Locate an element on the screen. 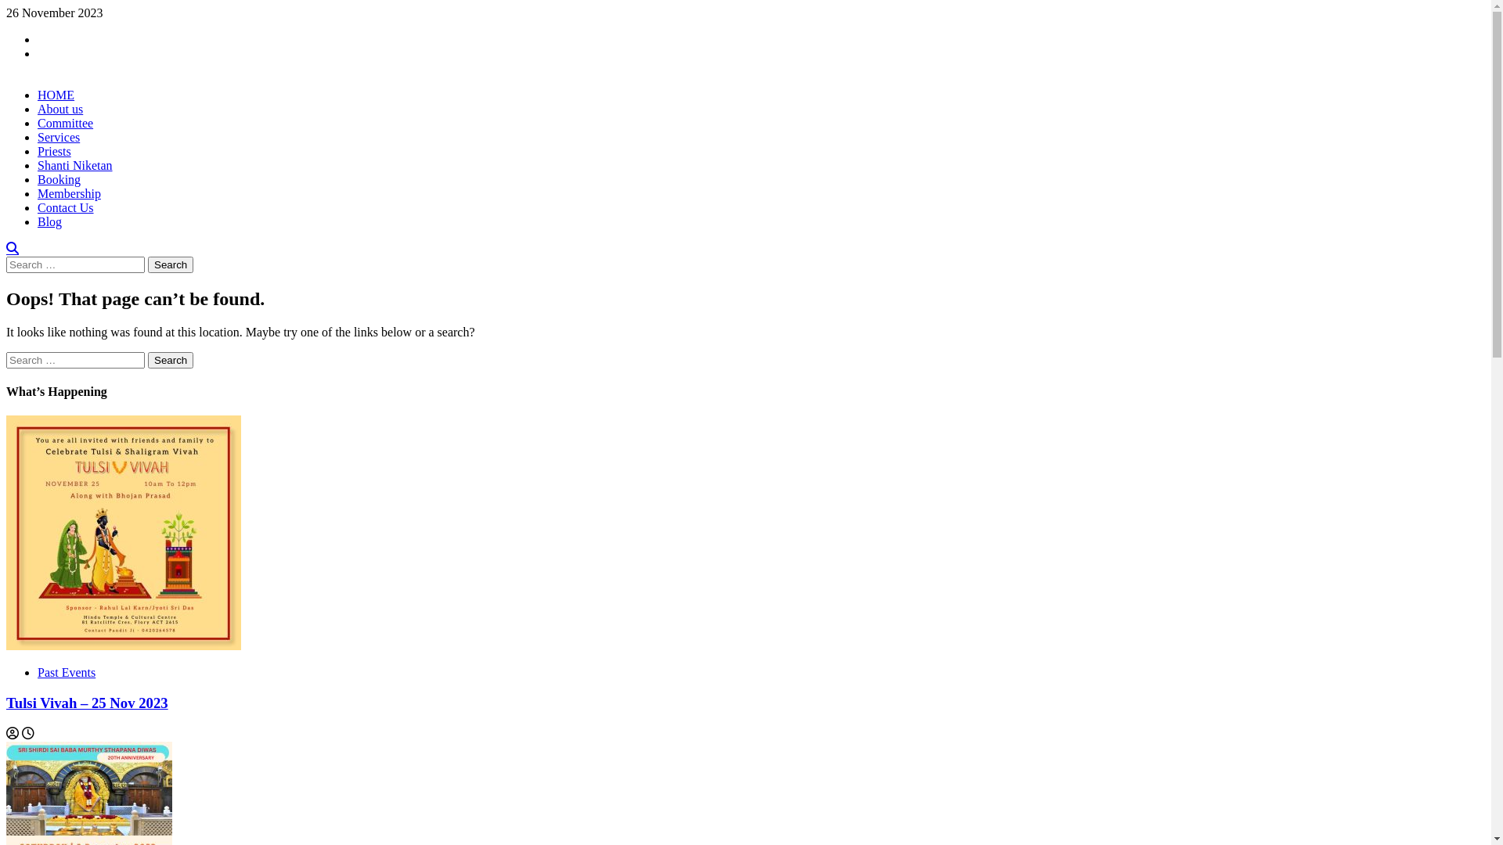  'Skip to content' is located at coordinates (5, 5).